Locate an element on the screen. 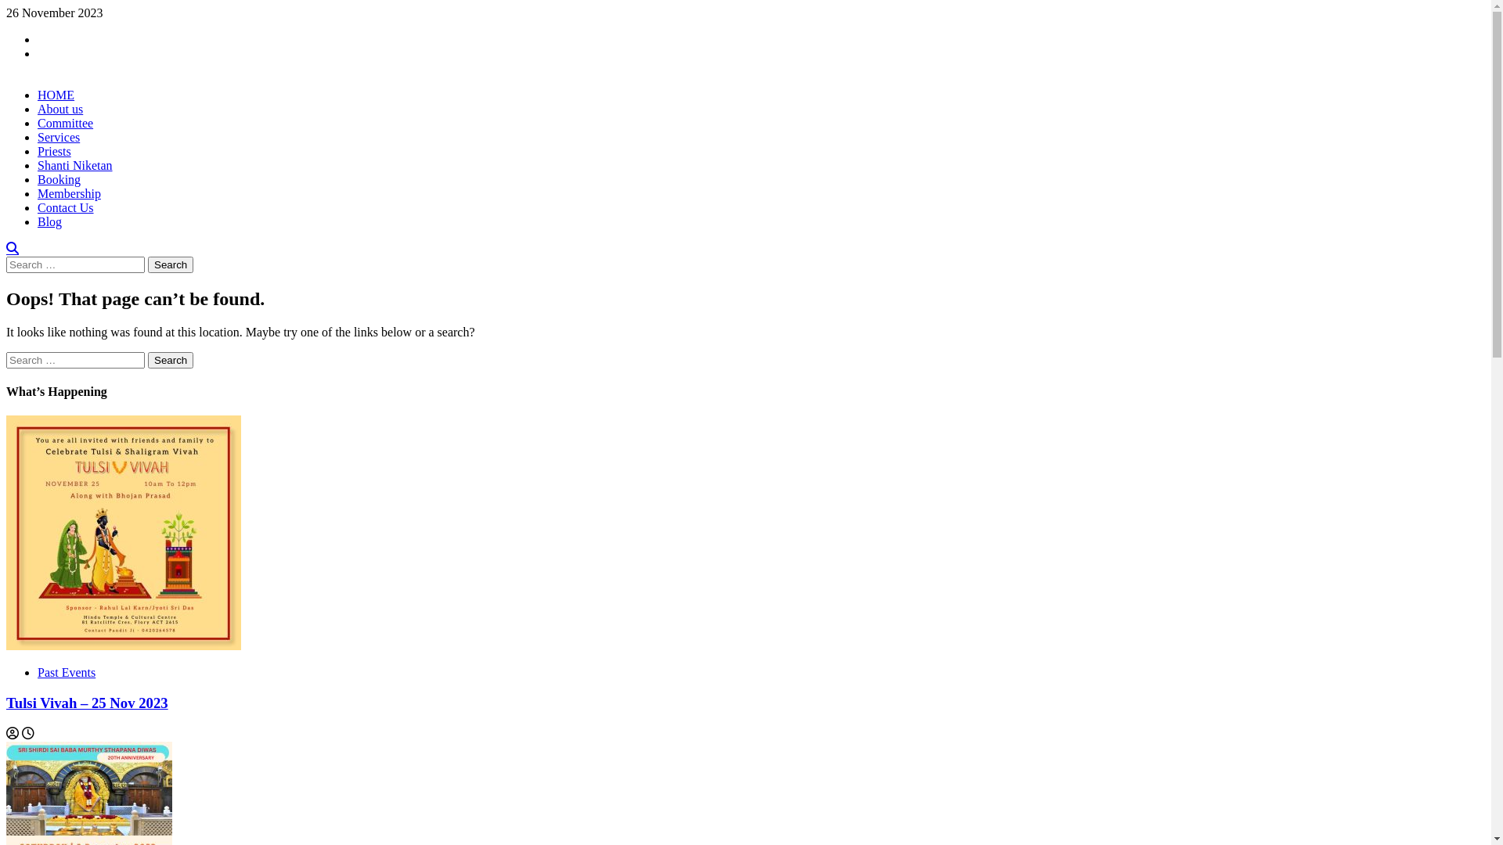  'Skip to content' is located at coordinates (5, 5).